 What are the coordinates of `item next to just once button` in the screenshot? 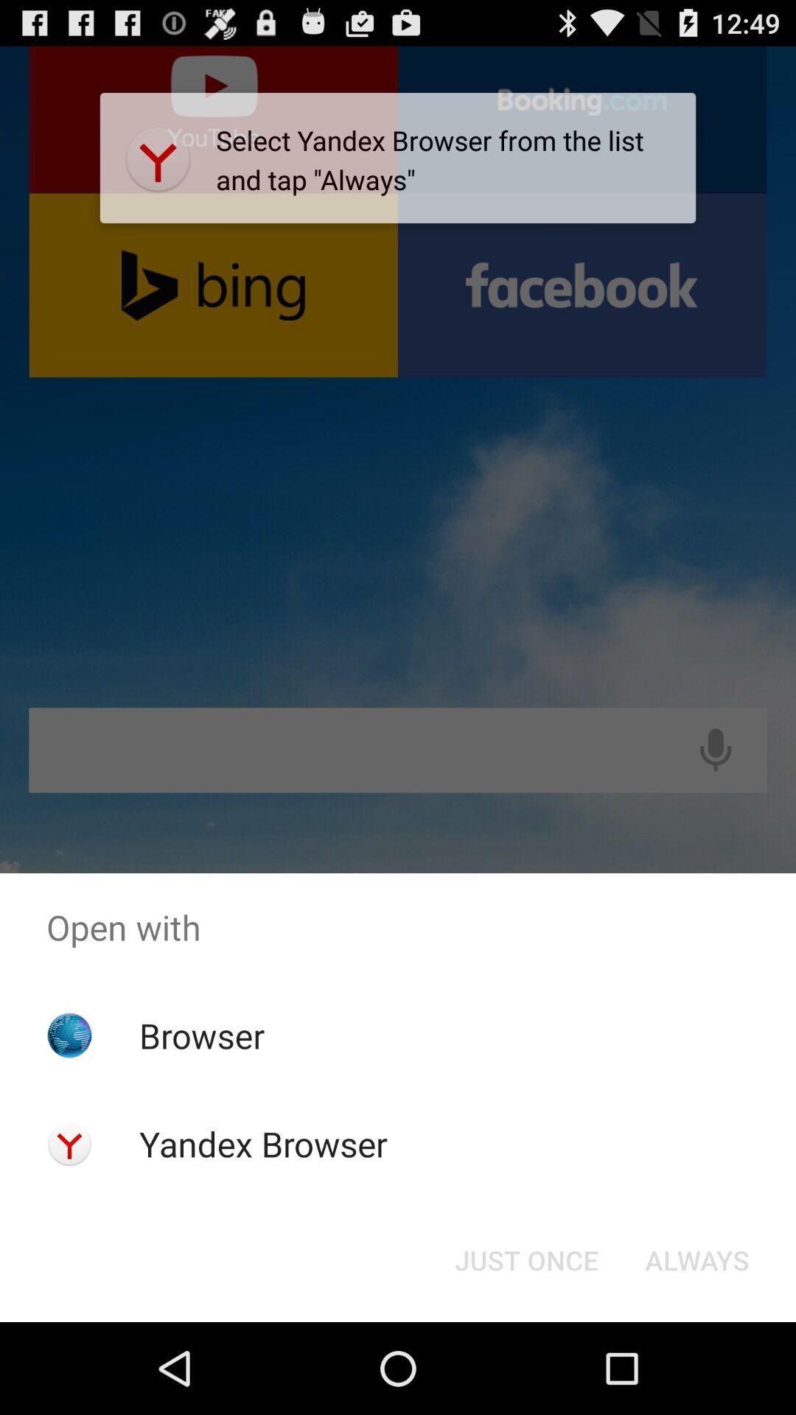 It's located at (696, 1259).